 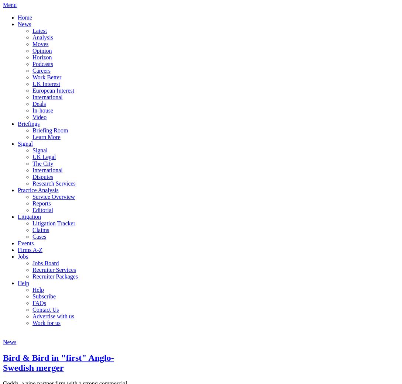 I want to click on 'Latest', so click(x=32, y=30).